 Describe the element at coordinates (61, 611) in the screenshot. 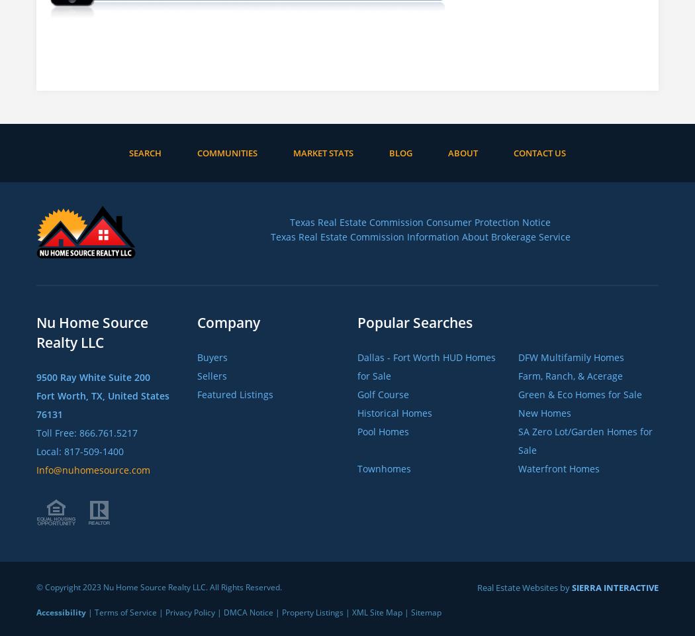

I see `'Accessibility'` at that location.